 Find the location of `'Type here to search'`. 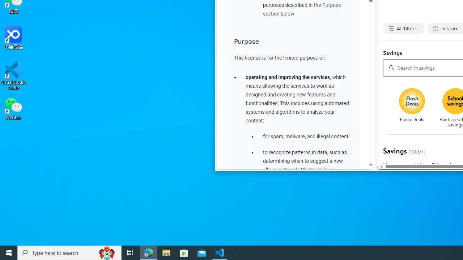

'Type here to search' is located at coordinates (69, 252).